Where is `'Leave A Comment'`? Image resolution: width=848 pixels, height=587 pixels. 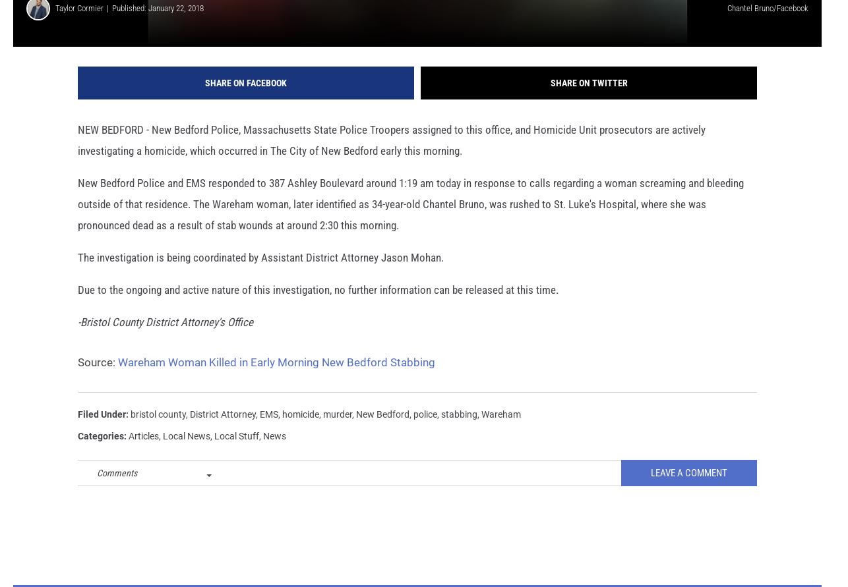 'Leave A Comment' is located at coordinates (688, 490).